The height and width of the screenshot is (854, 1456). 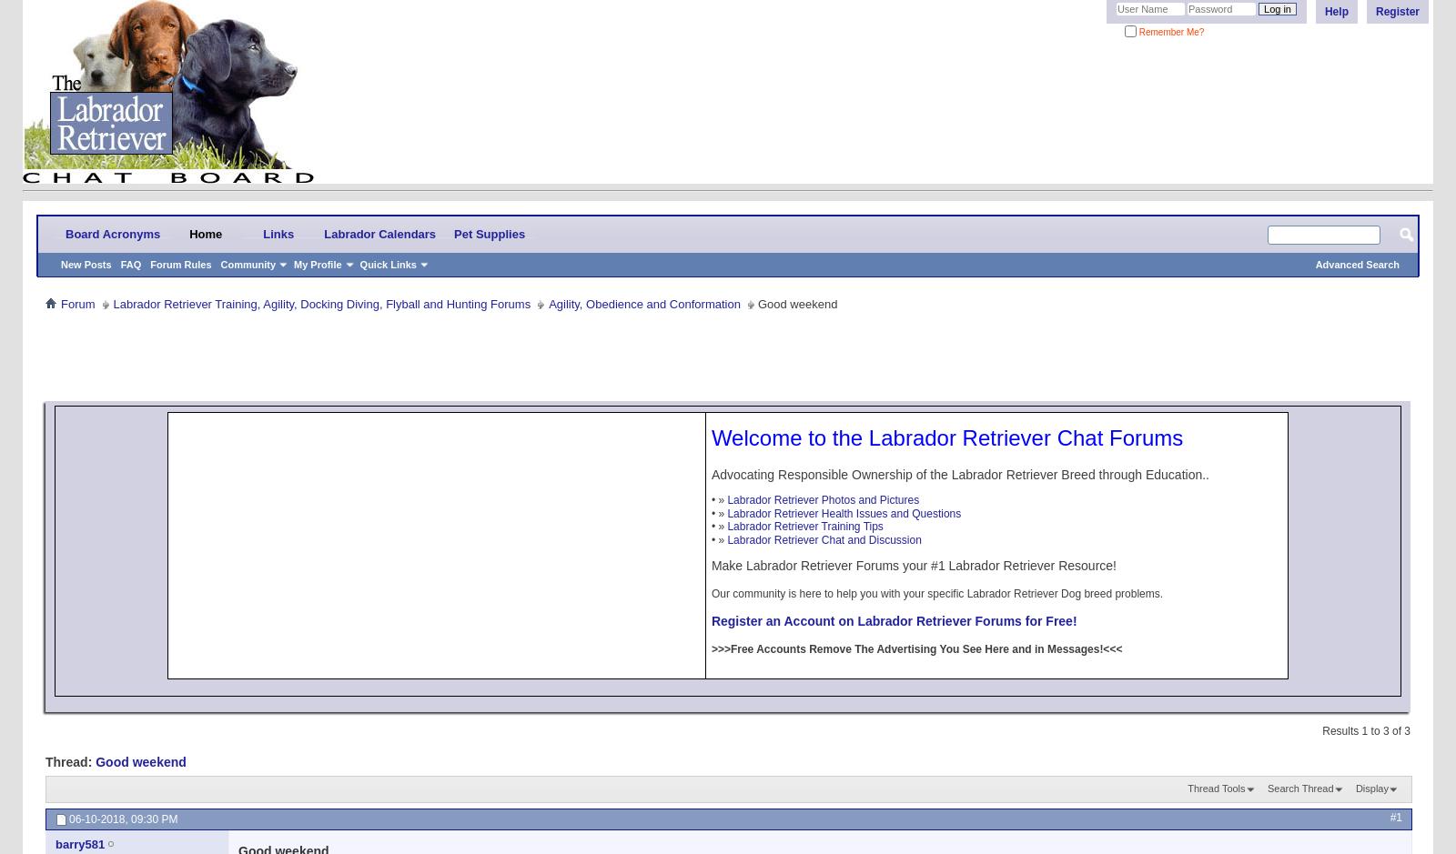 I want to click on 'Labrador Retriever Chat and Discussion', so click(x=727, y=540).